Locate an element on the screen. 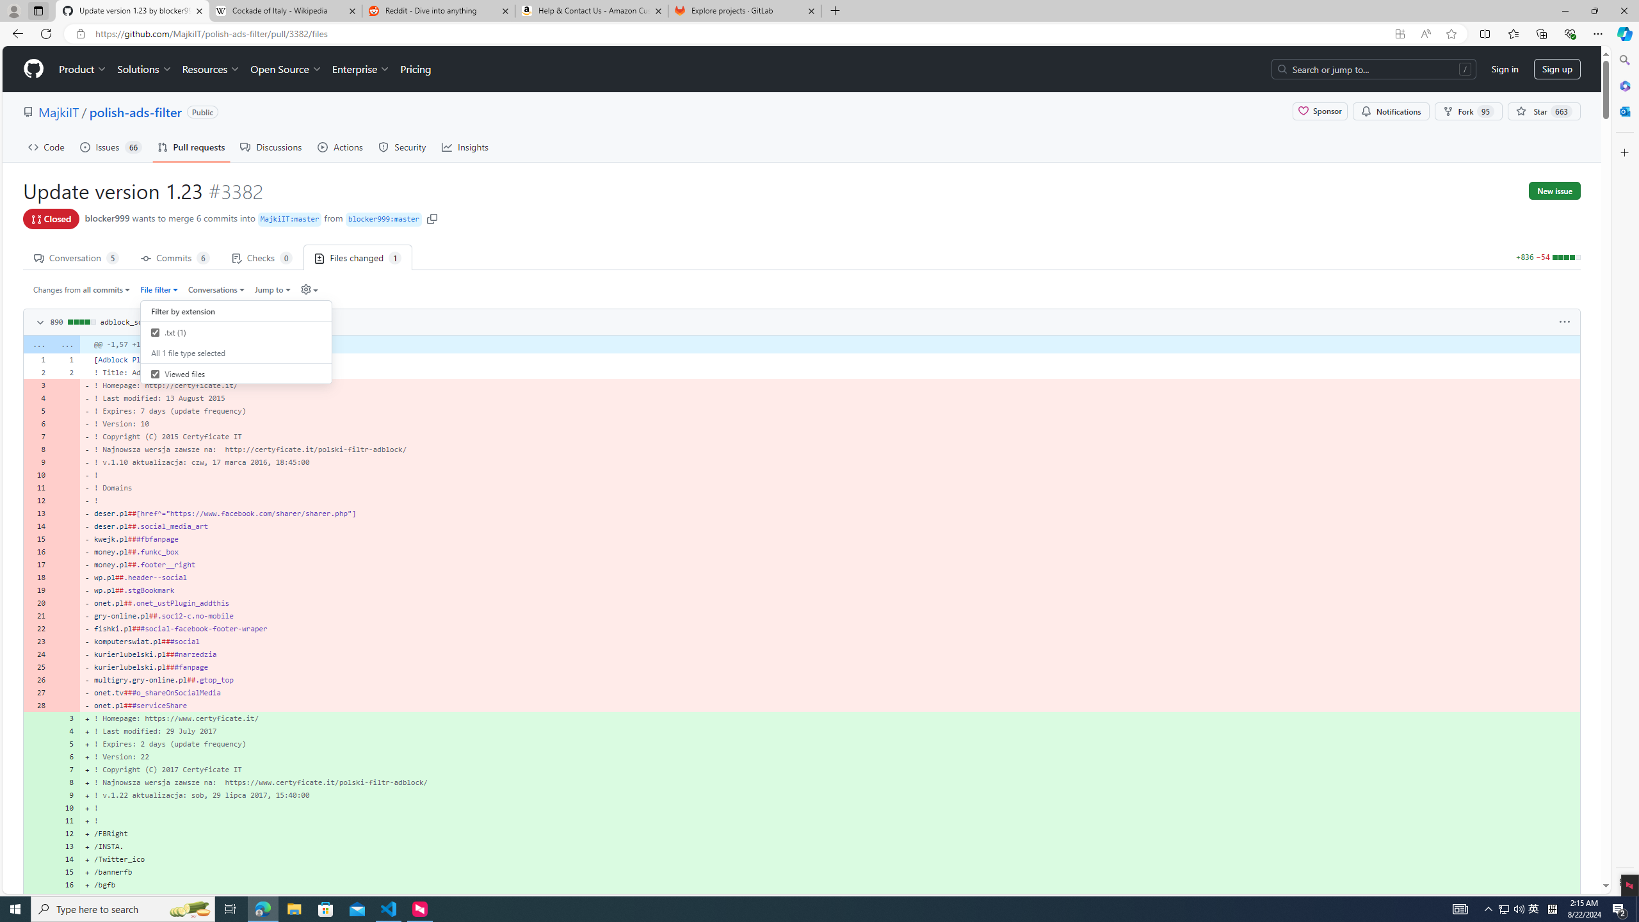 The width and height of the screenshot is (1639, 922). '8' is located at coordinates (65, 782).